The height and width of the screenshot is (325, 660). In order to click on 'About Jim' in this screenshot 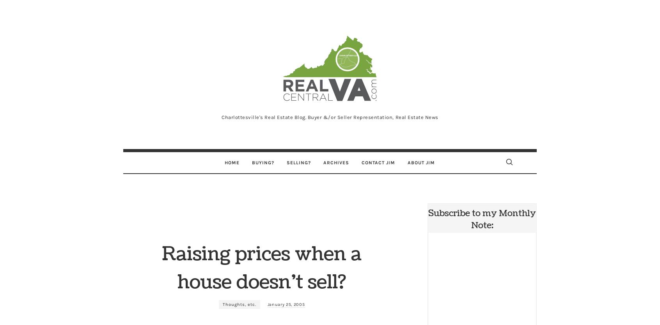, I will do `click(421, 162)`.